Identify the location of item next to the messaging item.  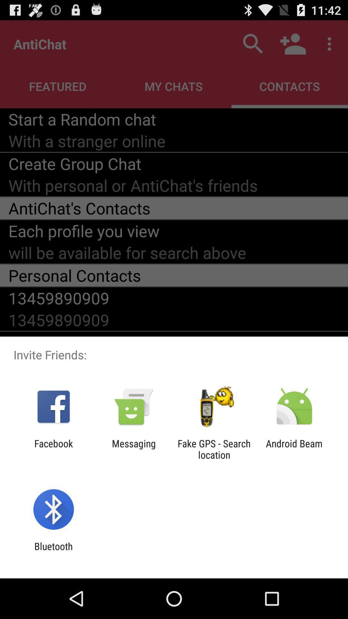
(53, 449).